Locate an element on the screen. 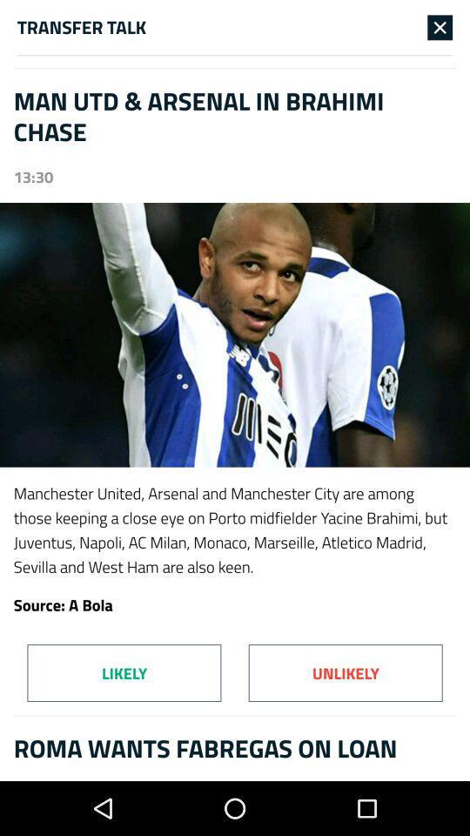  item below the source: a bola item is located at coordinates (346, 672).